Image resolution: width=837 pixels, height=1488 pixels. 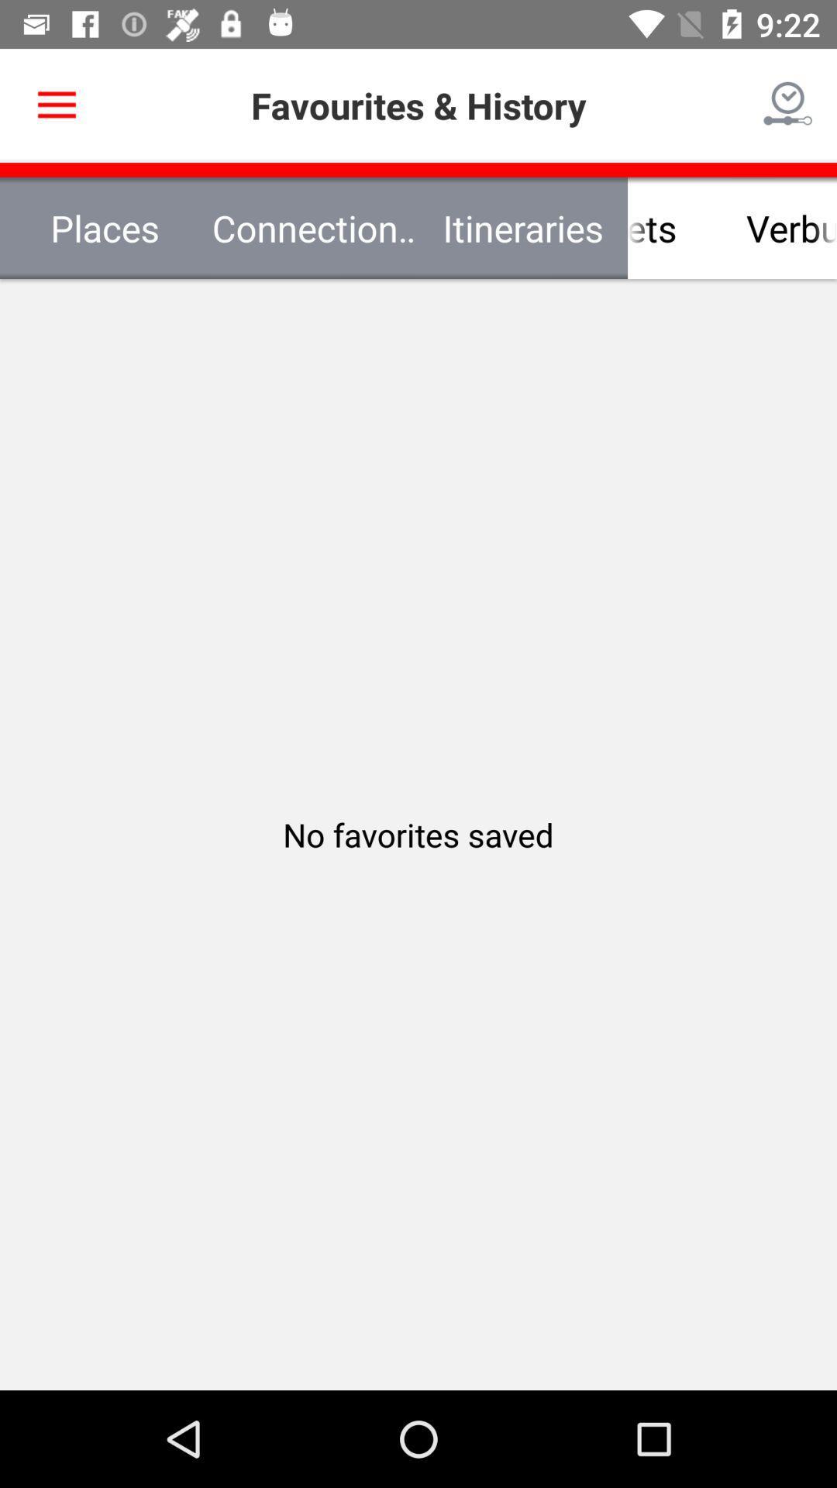 I want to click on item to the right of favourites & history, so click(x=788, y=105).